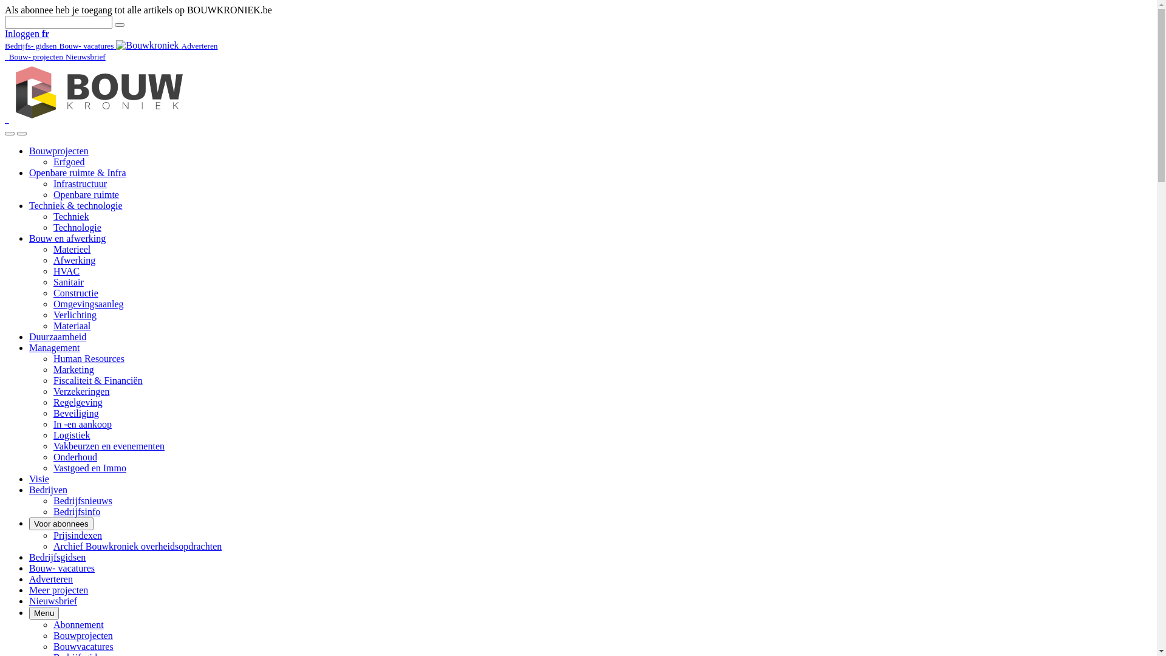  What do you see at coordinates (77, 173) in the screenshot?
I see `'Openbare ruimte & Infra'` at bounding box center [77, 173].